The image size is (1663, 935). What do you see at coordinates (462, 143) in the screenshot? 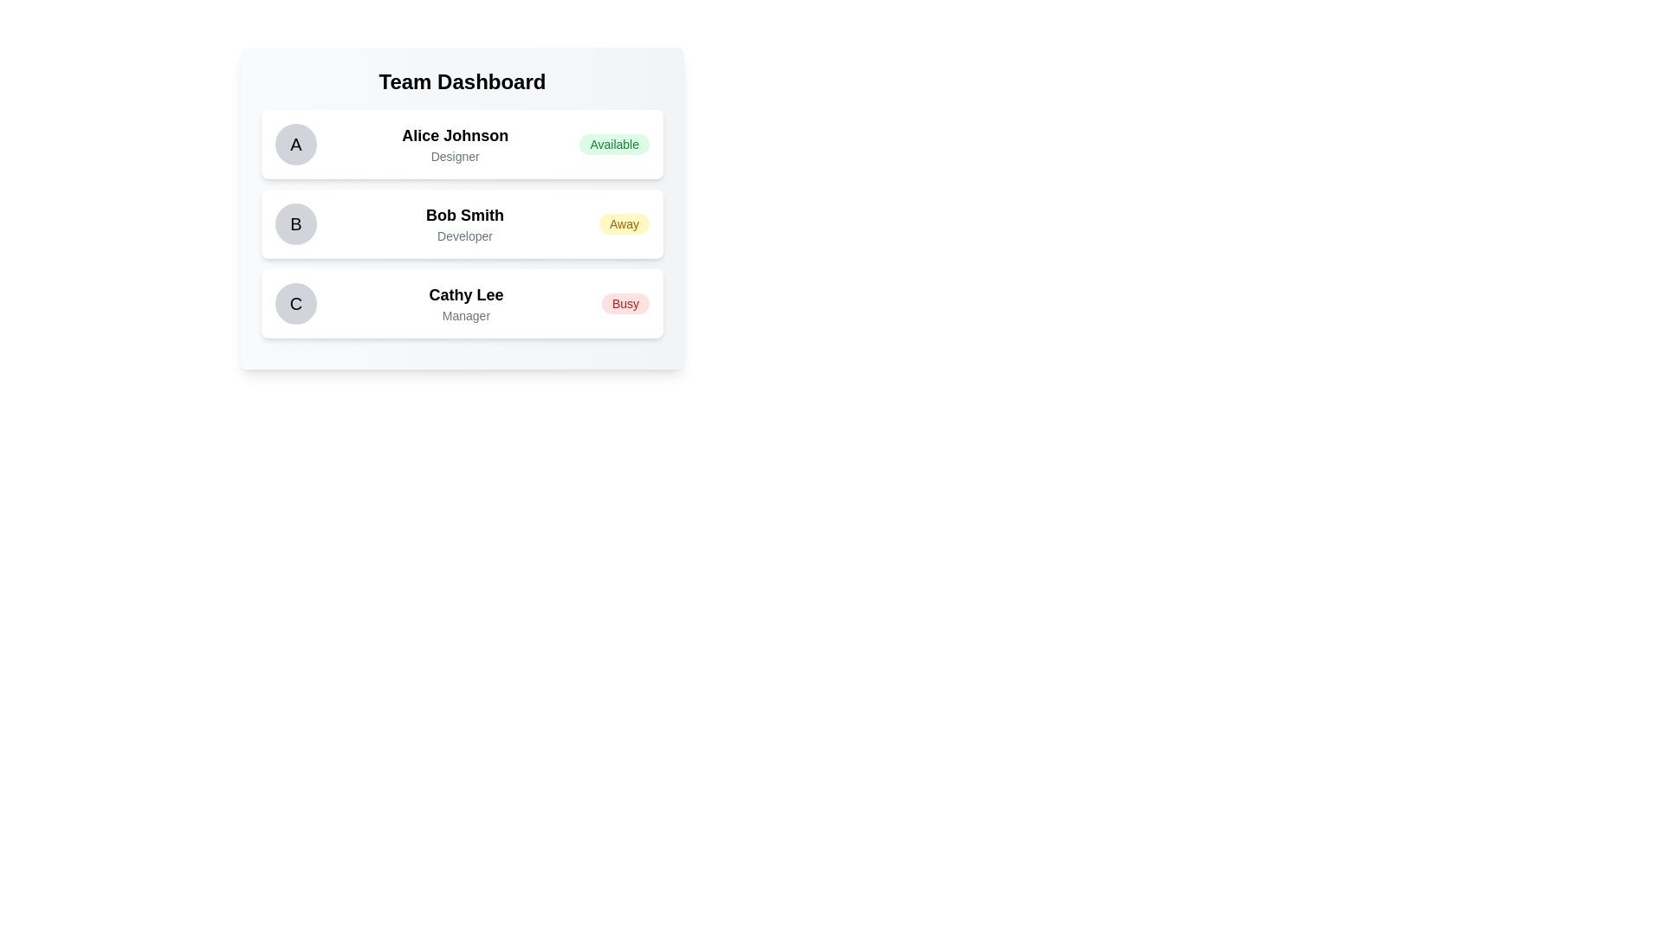
I see `the Interactive card displaying a team member's information, which is the first item in the list under the 'Team Dashboard'` at bounding box center [462, 143].